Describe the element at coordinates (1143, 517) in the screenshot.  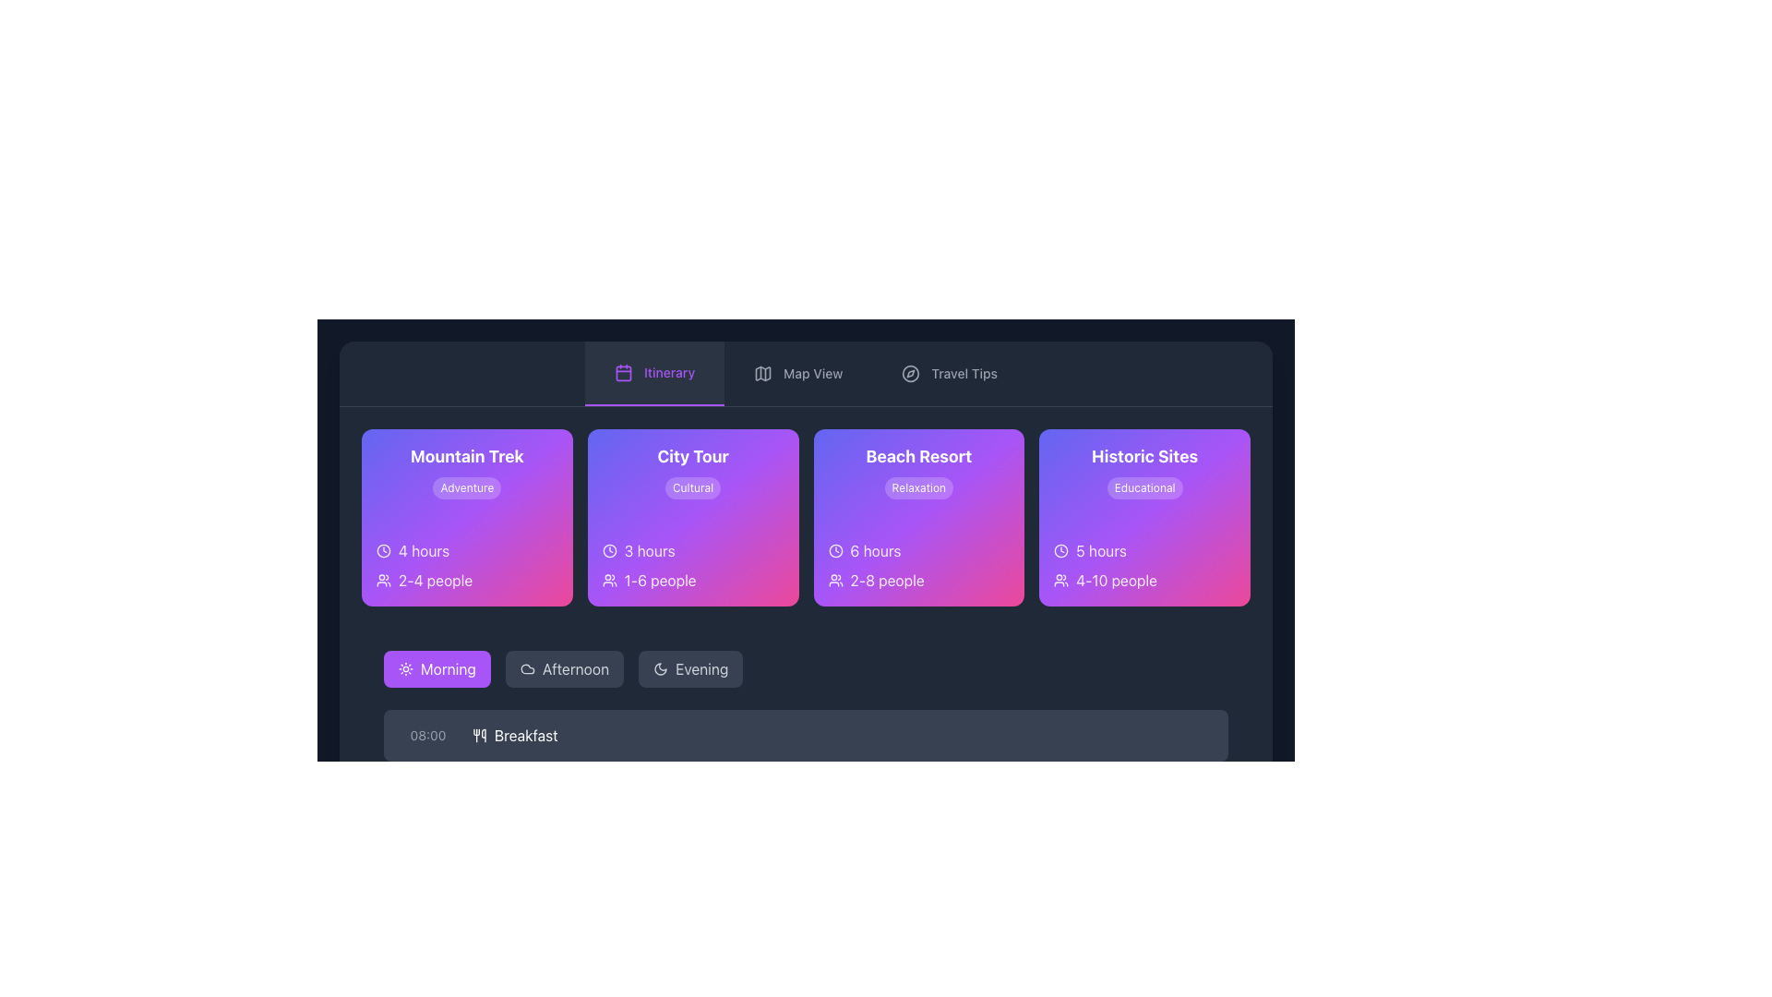
I see `the 'Historic Sites' card component, which contains educational information and is the fourth card in the grid` at that location.